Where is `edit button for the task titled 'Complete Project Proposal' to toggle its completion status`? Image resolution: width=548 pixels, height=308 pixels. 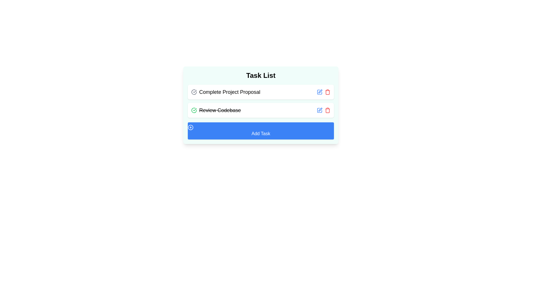 edit button for the task titled 'Complete Project Proposal' to toggle its completion status is located at coordinates (319, 92).